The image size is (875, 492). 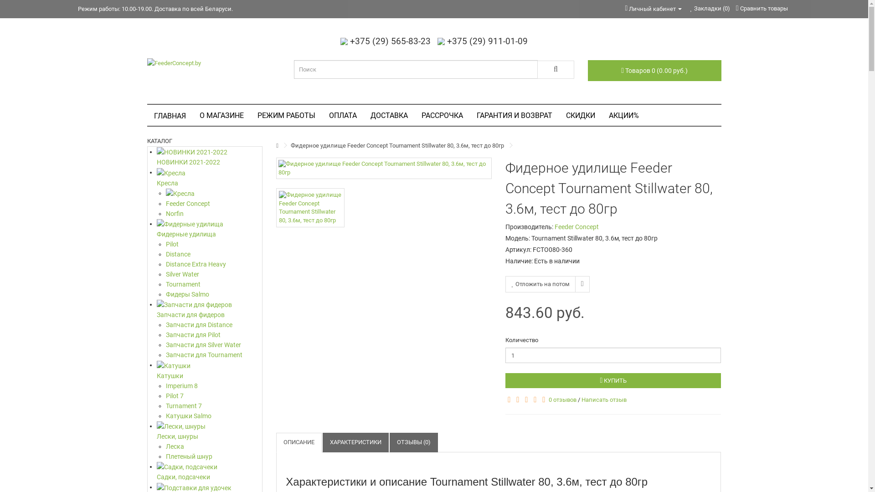 What do you see at coordinates (214, 254) in the screenshot?
I see `'Distance'` at bounding box center [214, 254].